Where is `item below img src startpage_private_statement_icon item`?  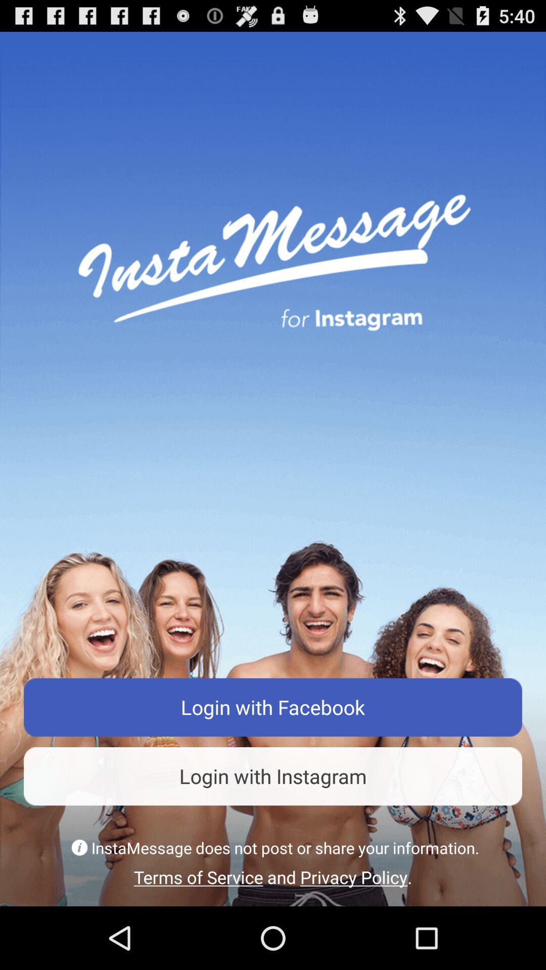 item below img src startpage_private_statement_icon item is located at coordinates (273, 877).